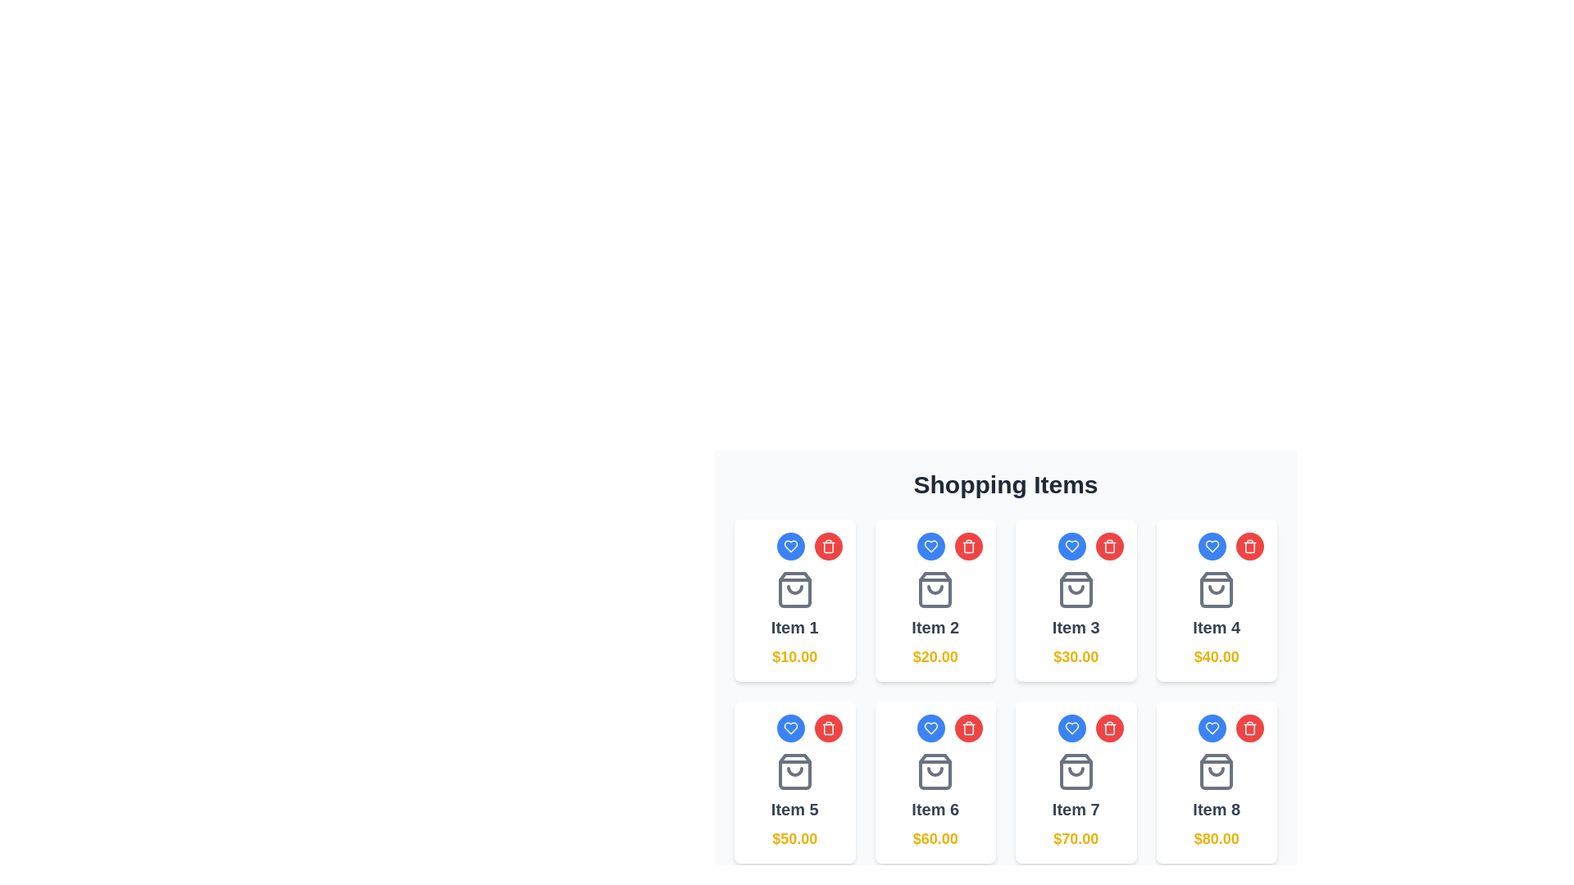 This screenshot has height=885, width=1574. Describe the element at coordinates (1217, 627) in the screenshot. I see `text content of the element displaying 'Item 4' in bold and large font, located in the second row, fourth column of the grid layout within a product card` at that location.